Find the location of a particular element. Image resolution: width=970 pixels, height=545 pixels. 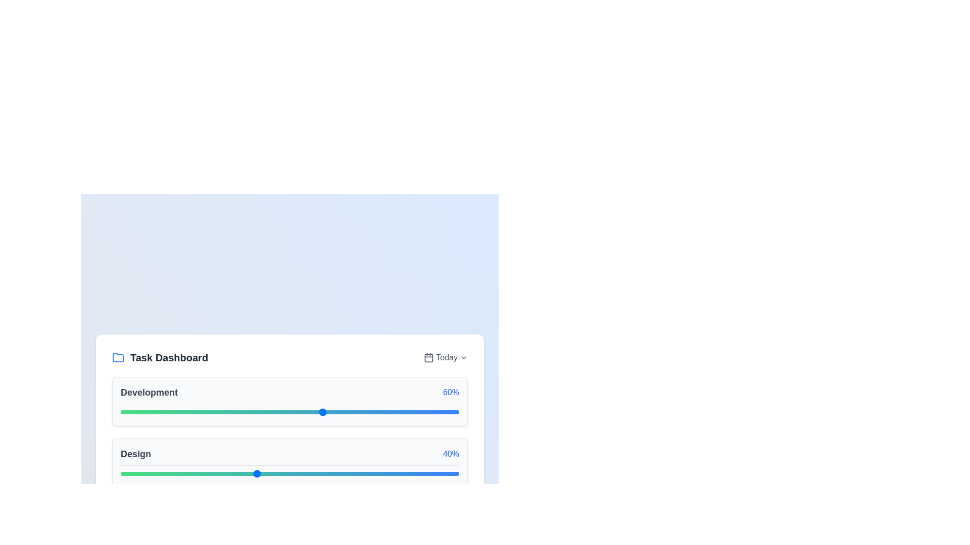

the folder icon vector graphic located within the 'Task Dashboard' widget, designed with a blue tone and a tab-like extension is located at coordinates (118, 357).